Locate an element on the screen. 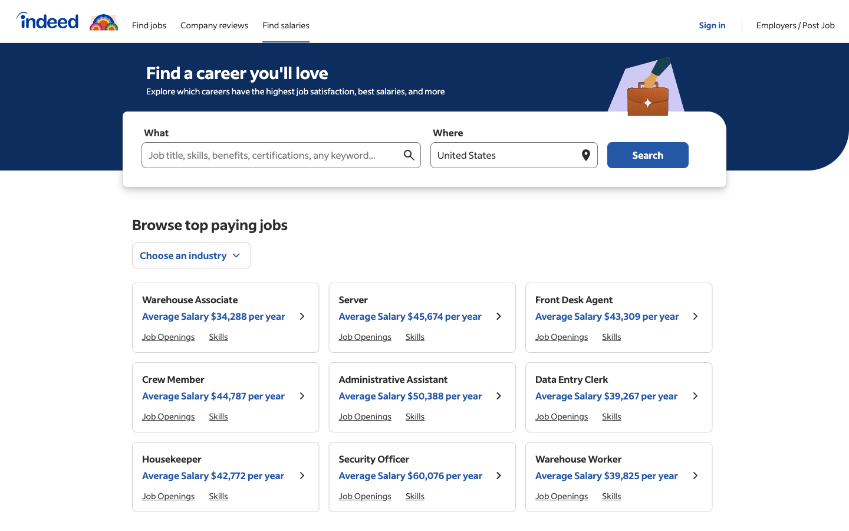 The width and height of the screenshot is (849, 531). the industry selection for job search is located at coordinates (192, 255).